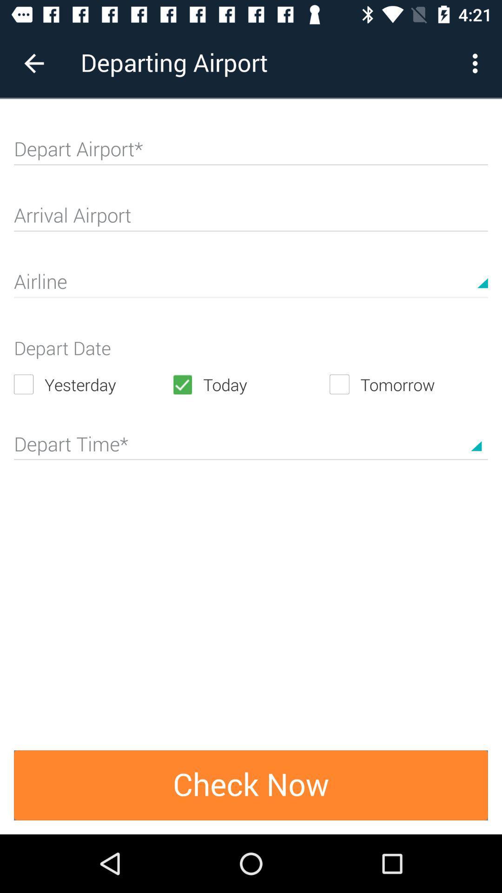 The image size is (502, 893). I want to click on arrival airport search field, so click(251, 219).